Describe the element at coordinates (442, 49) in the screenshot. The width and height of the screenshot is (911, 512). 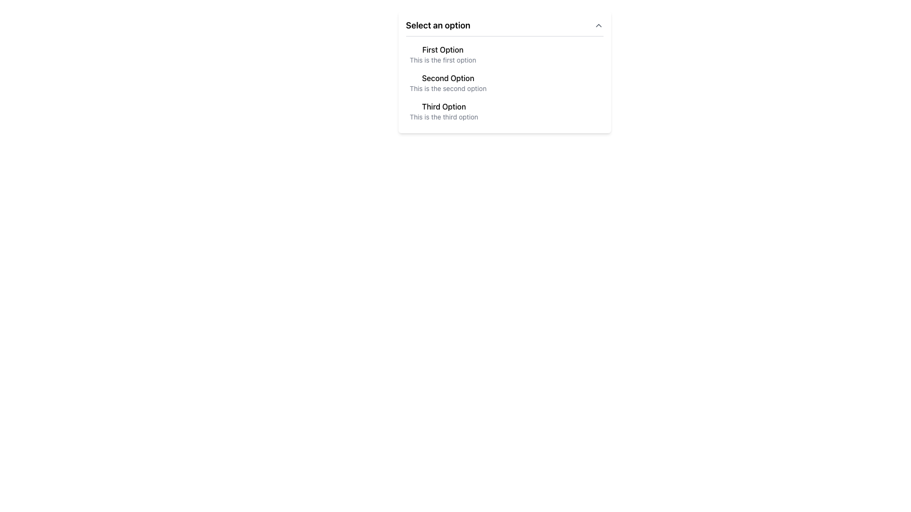
I see `text label element stating 'First Option' which is the first item in the dropdown menu labeled 'Select an option'` at that location.